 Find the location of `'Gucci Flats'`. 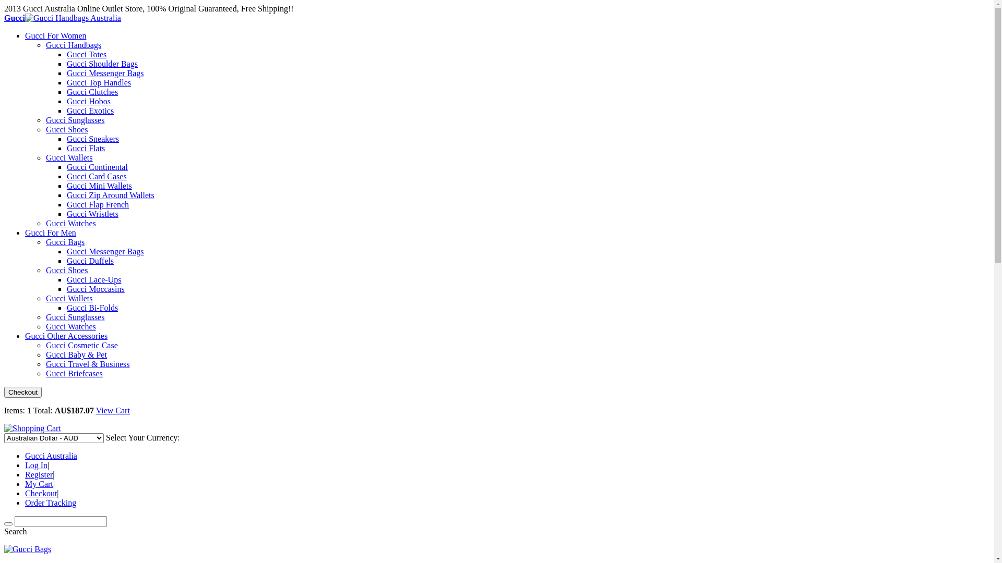

'Gucci Flats' is located at coordinates (86, 148).